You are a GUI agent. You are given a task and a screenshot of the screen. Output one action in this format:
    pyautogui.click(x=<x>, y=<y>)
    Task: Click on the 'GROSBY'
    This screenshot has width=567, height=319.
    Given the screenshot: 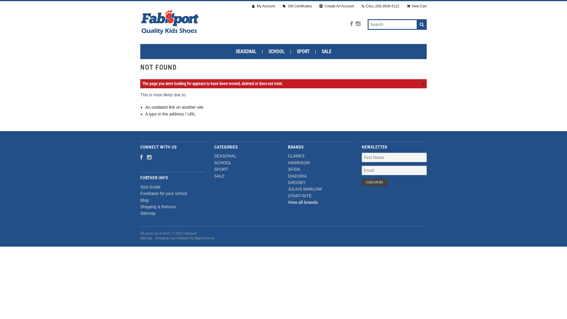 What is the action you would take?
    pyautogui.click(x=296, y=182)
    